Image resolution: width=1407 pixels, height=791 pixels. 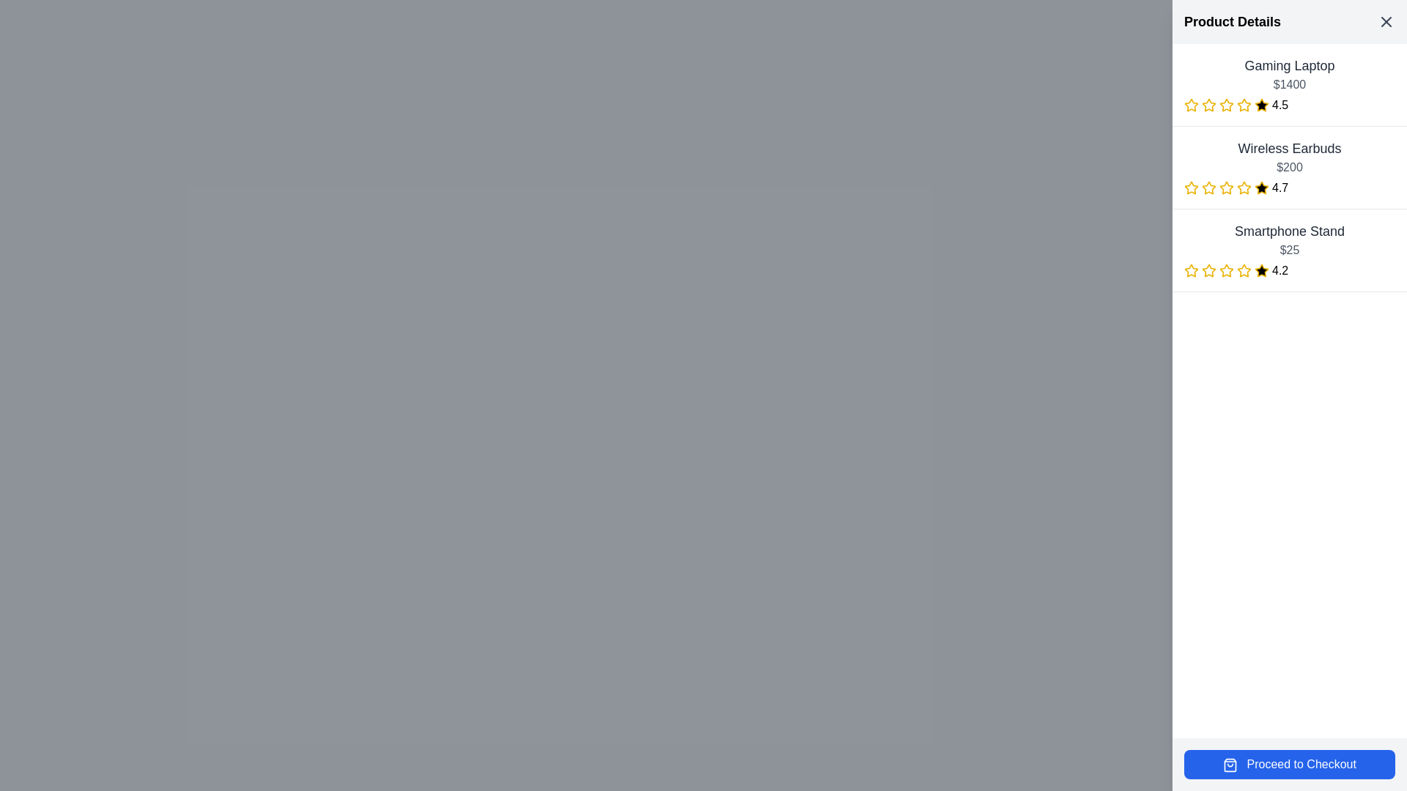 I want to click on the first rating star icon under the 'Smartphone Stand' product entry, so click(x=1191, y=270).